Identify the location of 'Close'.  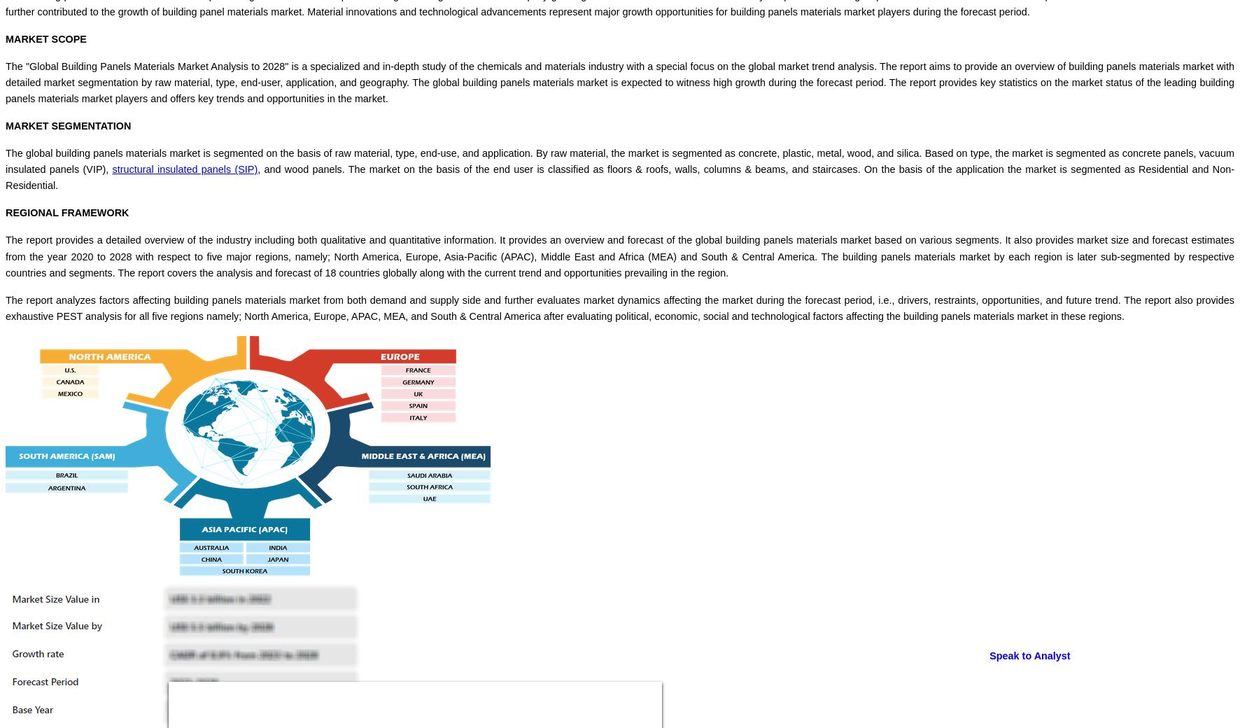
(273, 162).